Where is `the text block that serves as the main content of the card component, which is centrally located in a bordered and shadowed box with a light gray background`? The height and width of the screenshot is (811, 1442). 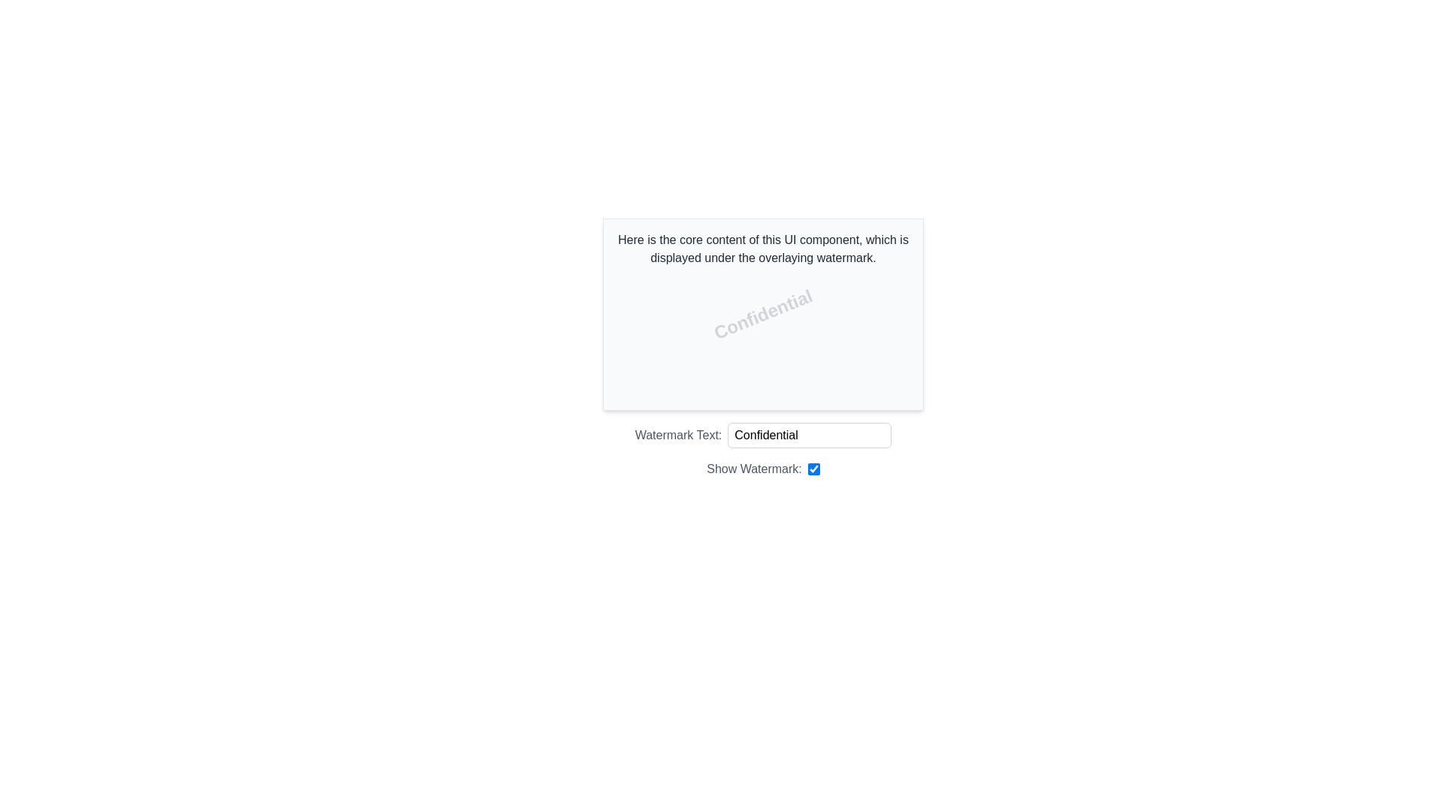
the text block that serves as the main content of the card component, which is centrally located in a bordered and shadowed box with a light gray background is located at coordinates (763, 248).